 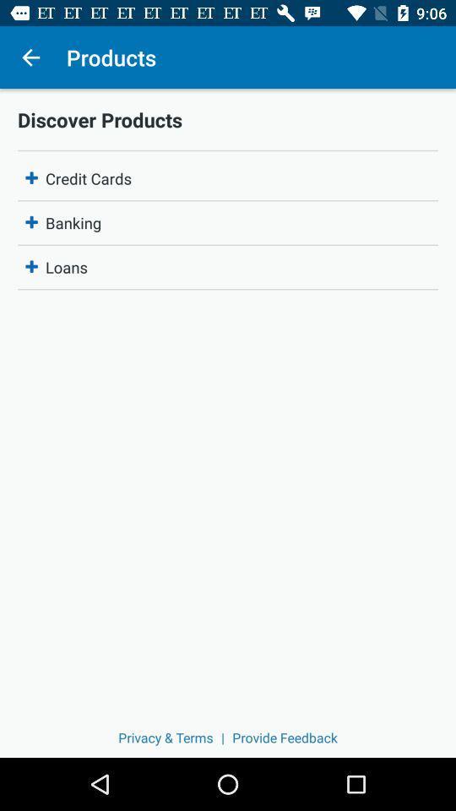 What do you see at coordinates (285, 737) in the screenshot?
I see `the icon to the right of |` at bounding box center [285, 737].